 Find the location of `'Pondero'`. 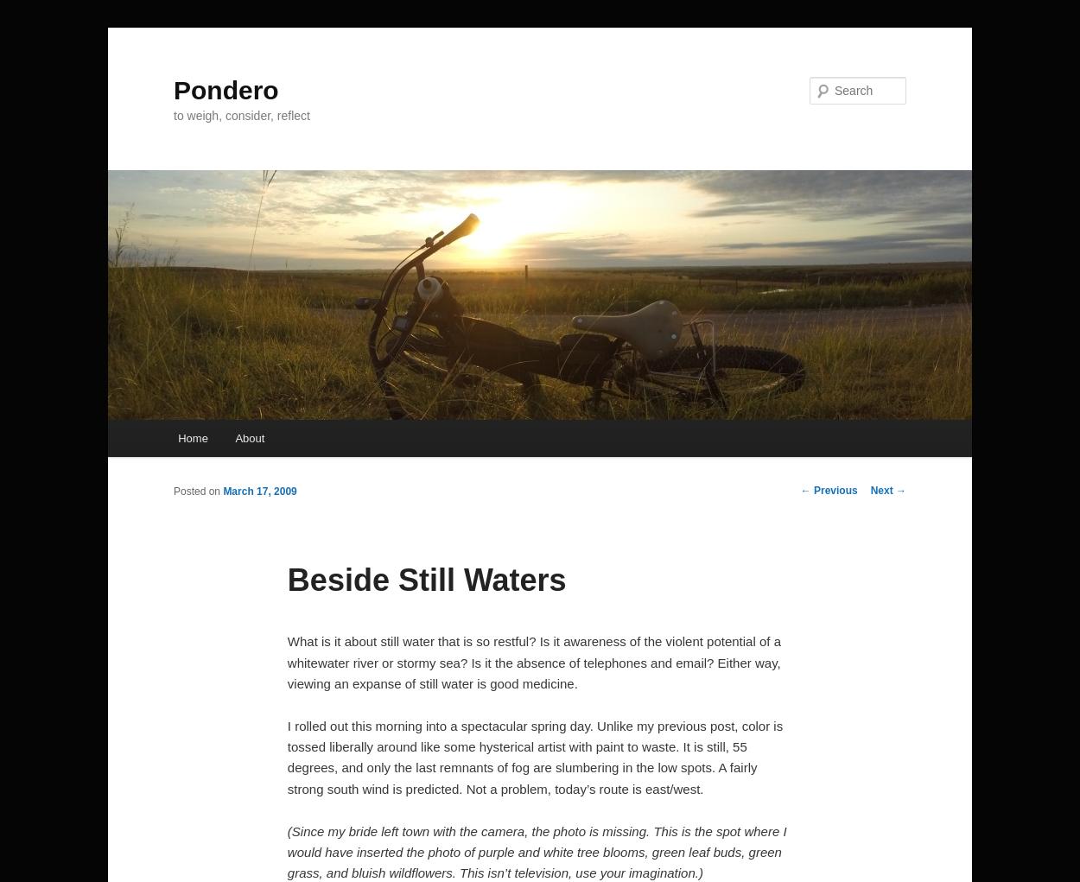

'Pondero' is located at coordinates (226, 88).